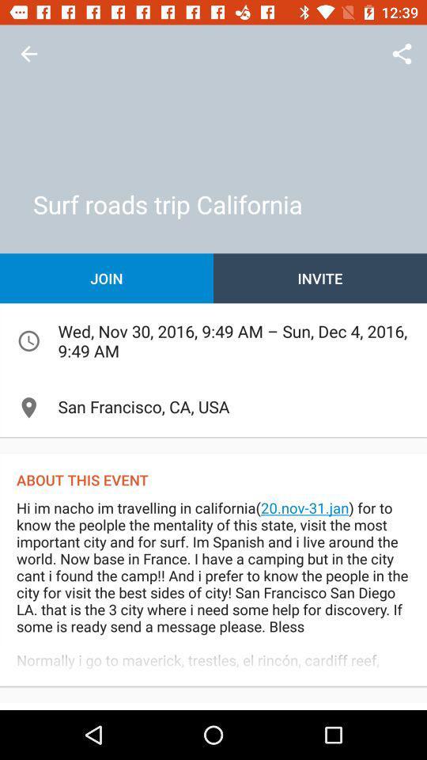 This screenshot has height=760, width=427. Describe the element at coordinates (107, 278) in the screenshot. I see `join item` at that location.